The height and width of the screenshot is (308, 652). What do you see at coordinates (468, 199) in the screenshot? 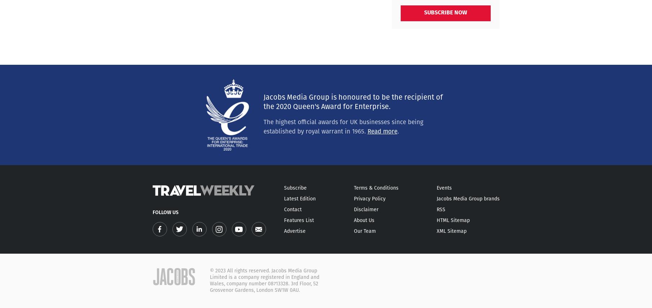
I see `'Jacobs Media Group brands'` at bounding box center [468, 199].